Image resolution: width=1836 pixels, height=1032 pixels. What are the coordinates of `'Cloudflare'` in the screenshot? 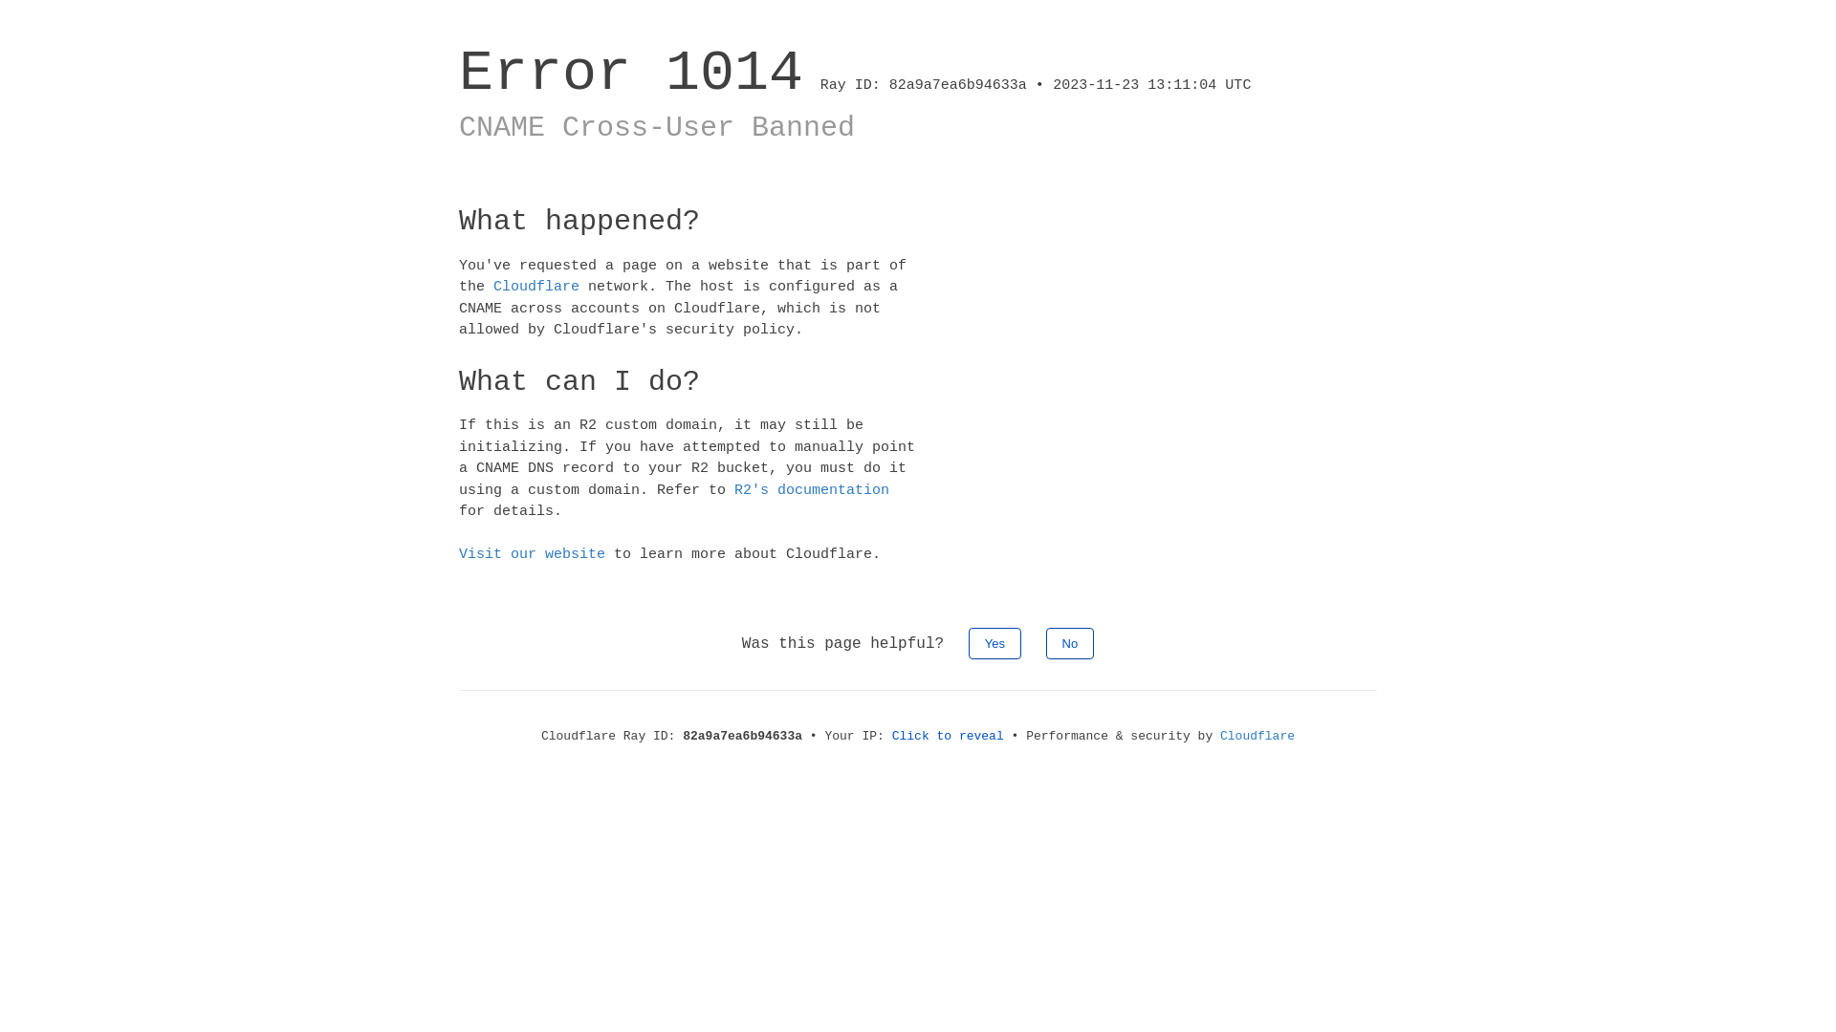 It's located at (1257, 734).